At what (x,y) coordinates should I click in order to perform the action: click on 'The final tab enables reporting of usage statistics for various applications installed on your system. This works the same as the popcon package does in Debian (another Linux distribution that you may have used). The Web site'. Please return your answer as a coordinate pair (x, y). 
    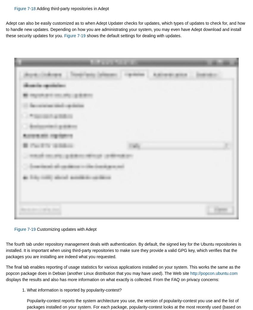
    Looking at the image, I should click on (123, 270).